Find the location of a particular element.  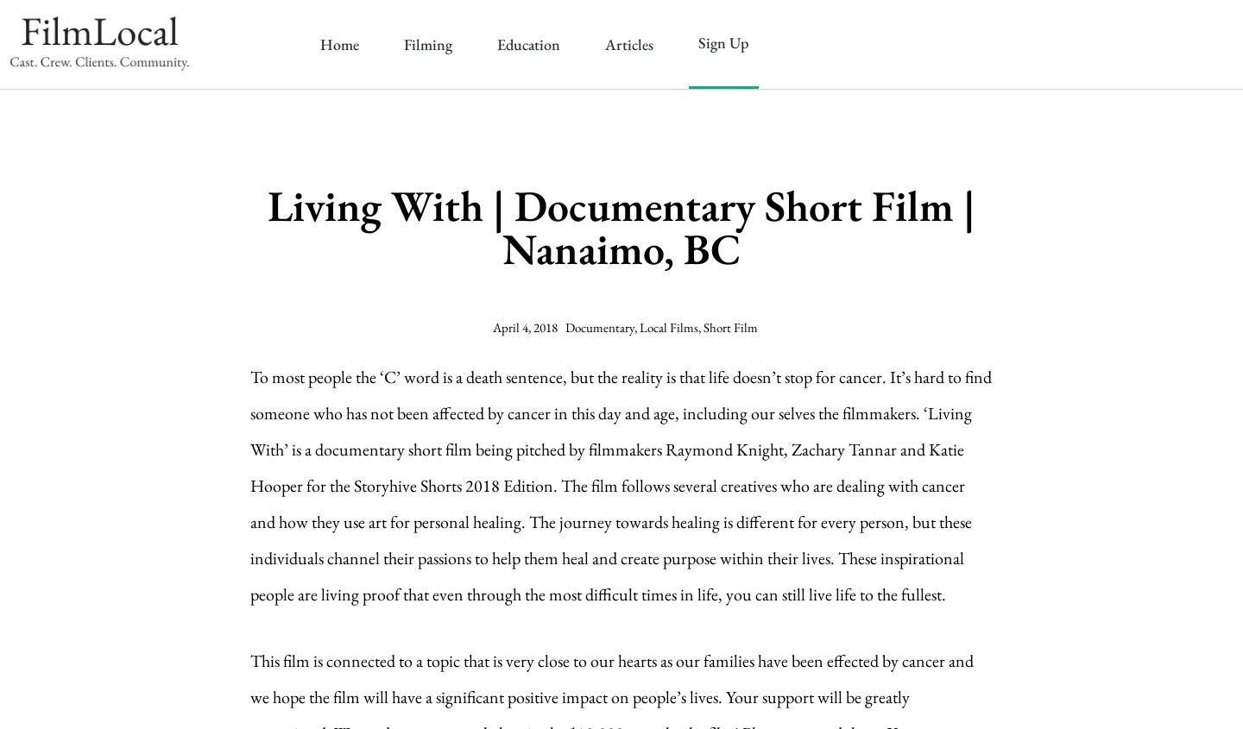

'Short Film' is located at coordinates (729, 326).